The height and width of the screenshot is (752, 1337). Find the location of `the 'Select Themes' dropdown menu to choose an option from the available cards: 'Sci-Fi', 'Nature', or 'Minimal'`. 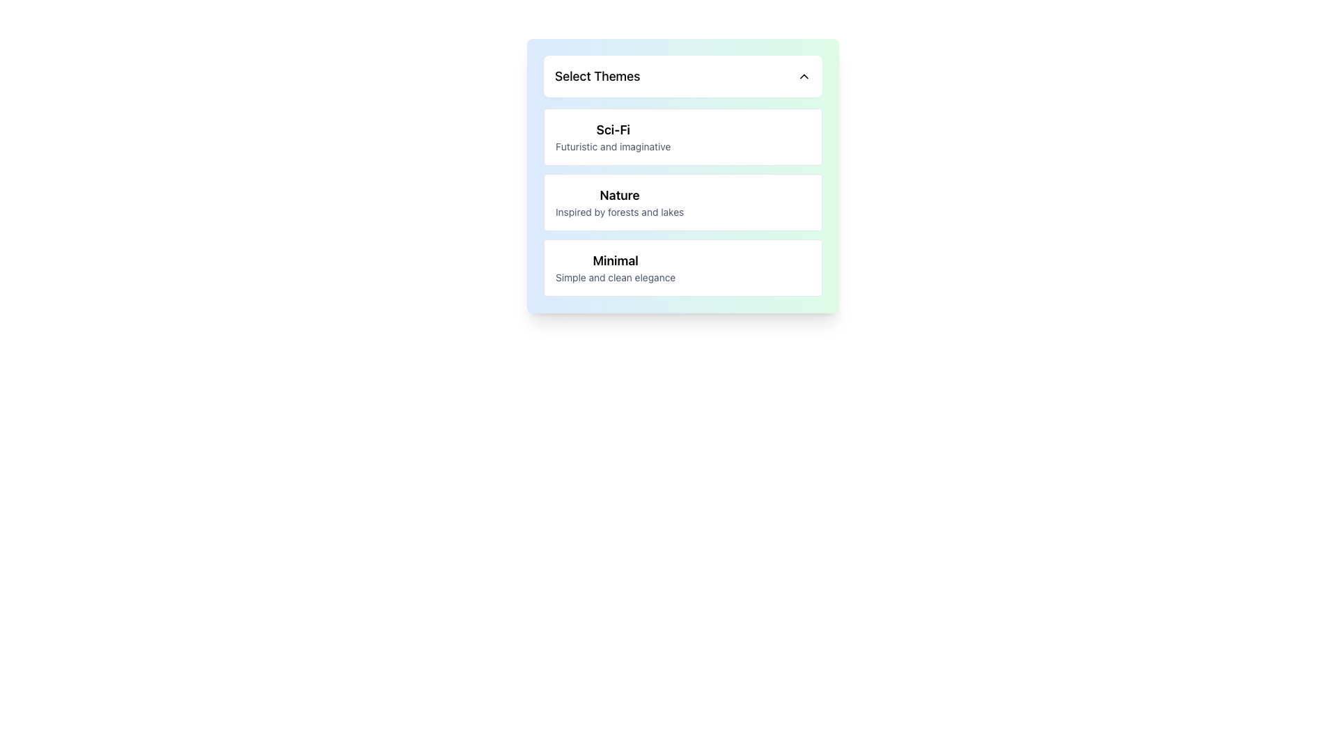

the 'Select Themes' dropdown menu to choose an option from the available cards: 'Sci-Fi', 'Nature', or 'Minimal' is located at coordinates (682, 175).